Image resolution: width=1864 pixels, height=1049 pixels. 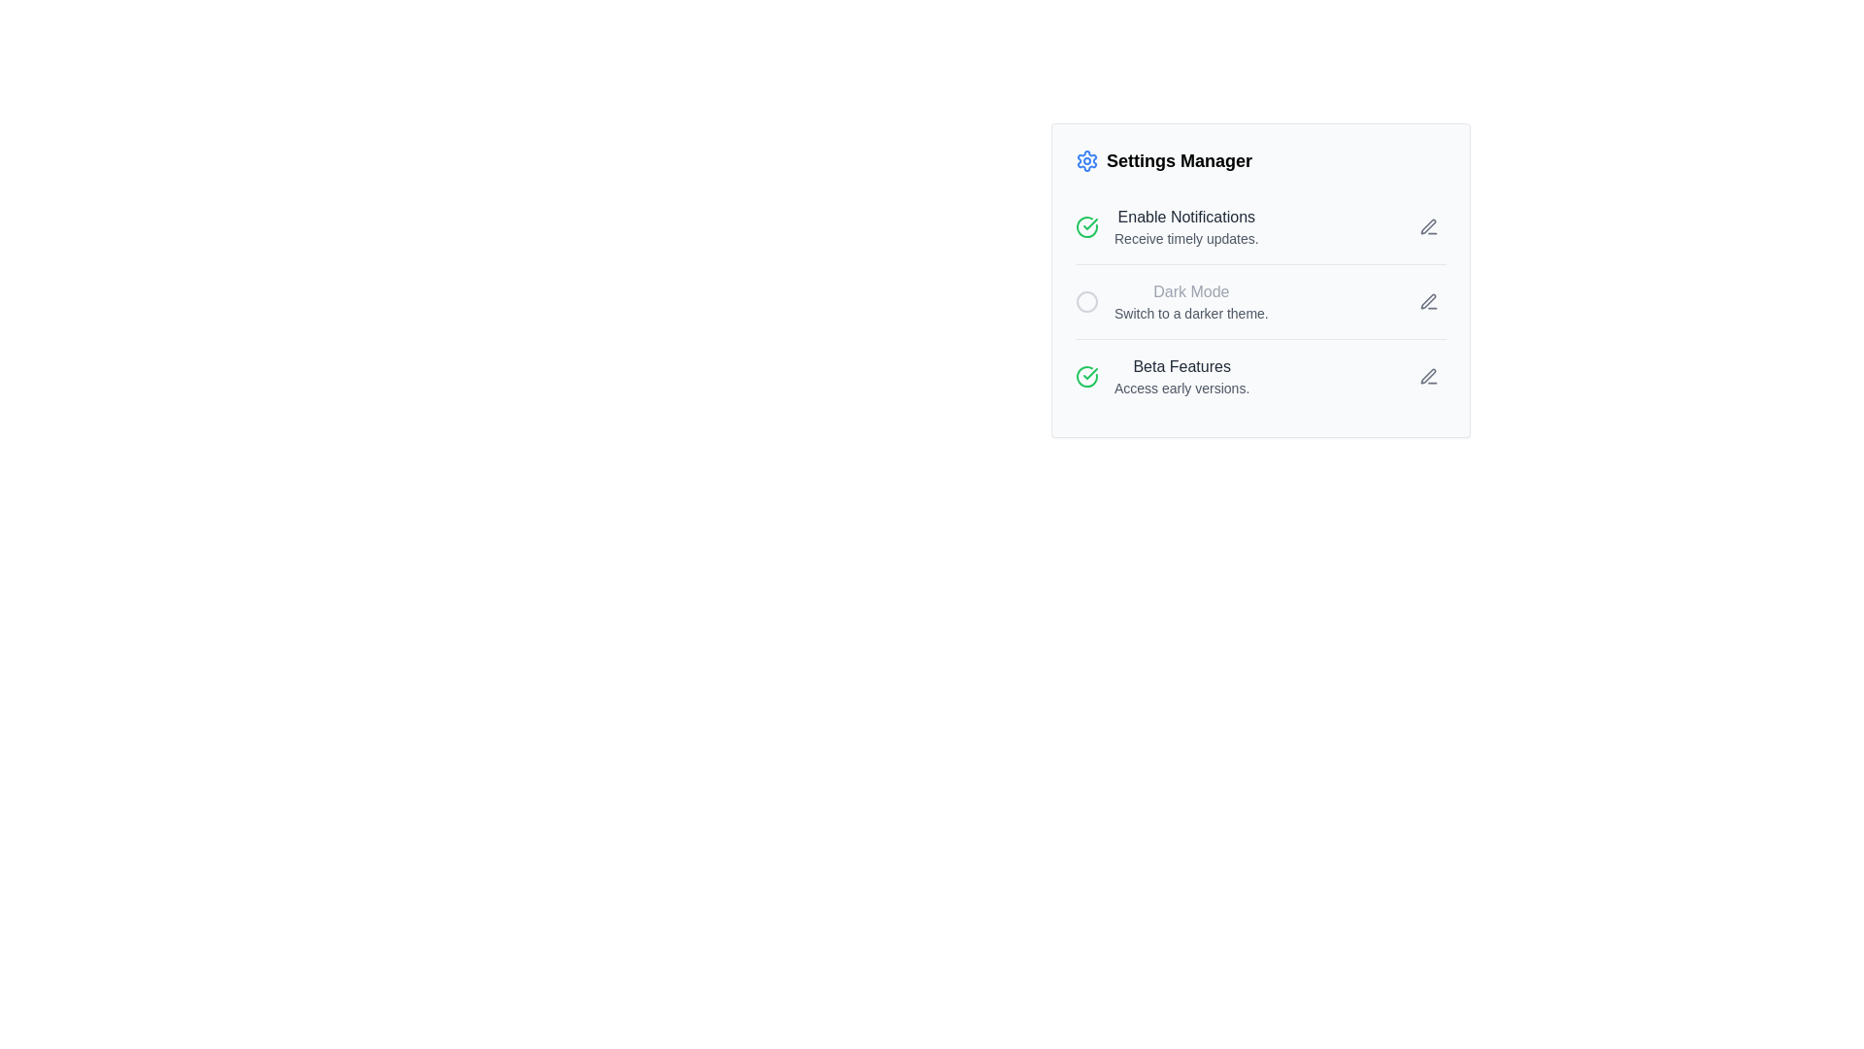 I want to click on information displayed in the text block titled 'Enable Notifications' with the description 'Receive timely updates' located in the 'Settings Manager' panel, so click(x=1185, y=226).